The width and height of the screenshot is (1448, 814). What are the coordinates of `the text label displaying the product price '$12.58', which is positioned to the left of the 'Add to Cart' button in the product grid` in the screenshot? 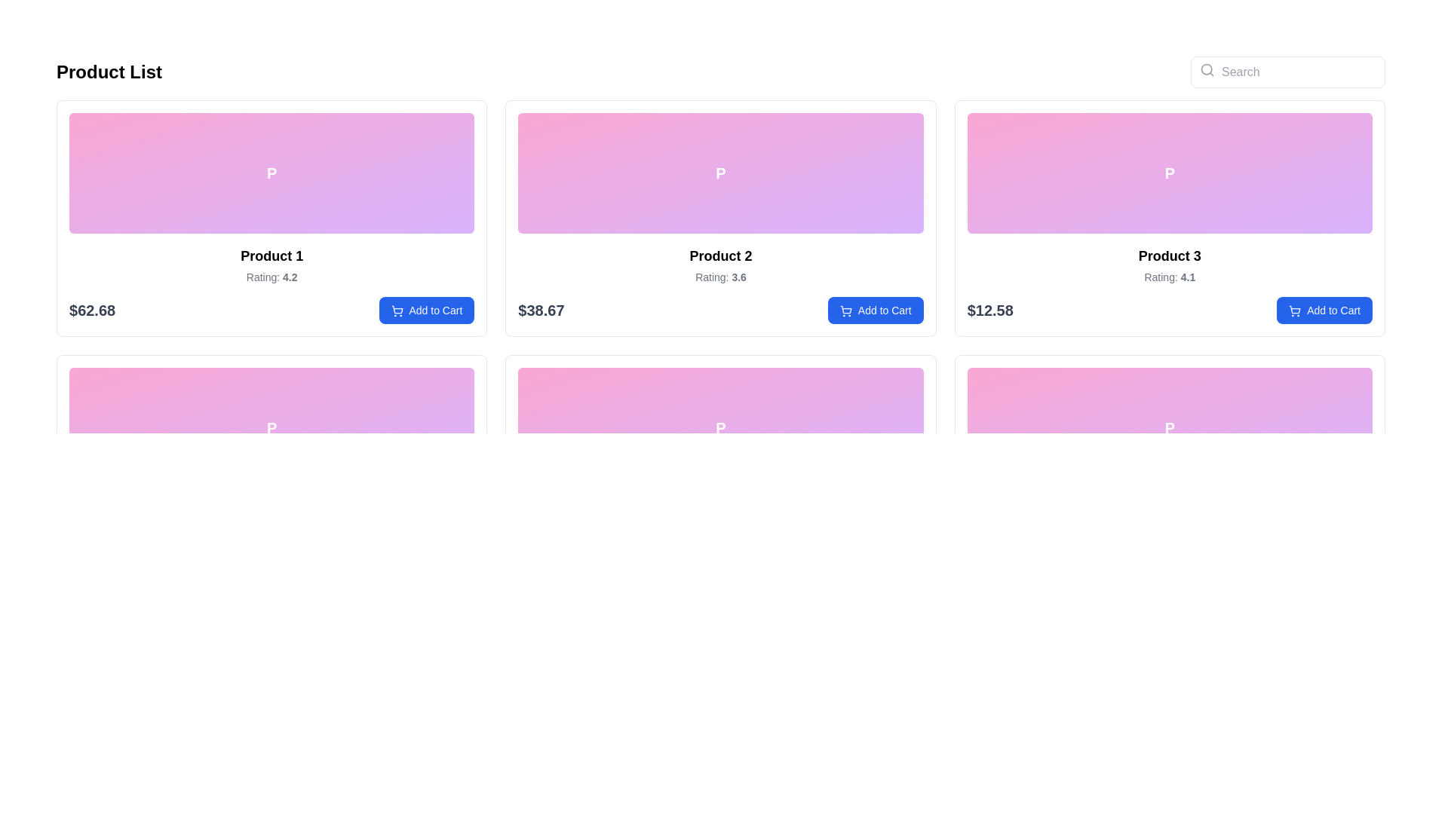 It's located at (990, 310).